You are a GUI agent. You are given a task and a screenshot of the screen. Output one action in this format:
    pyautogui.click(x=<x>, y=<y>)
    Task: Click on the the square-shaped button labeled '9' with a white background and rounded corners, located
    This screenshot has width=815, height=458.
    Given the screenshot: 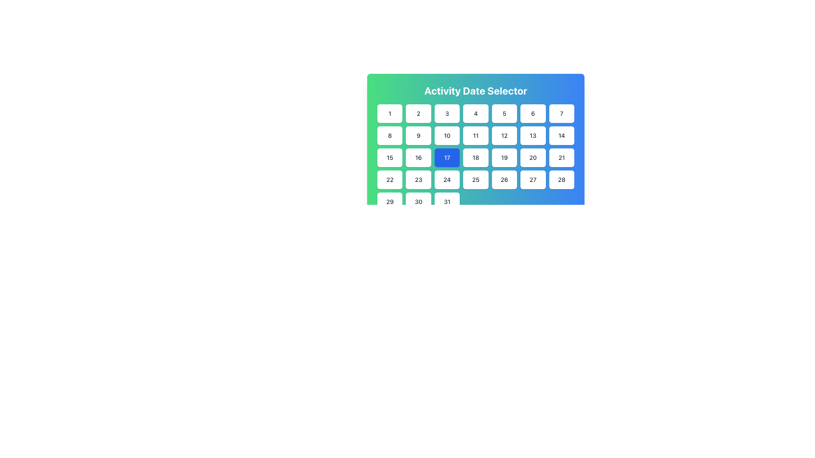 What is the action you would take?
    pyautogui.click(x=419, y=135)
    